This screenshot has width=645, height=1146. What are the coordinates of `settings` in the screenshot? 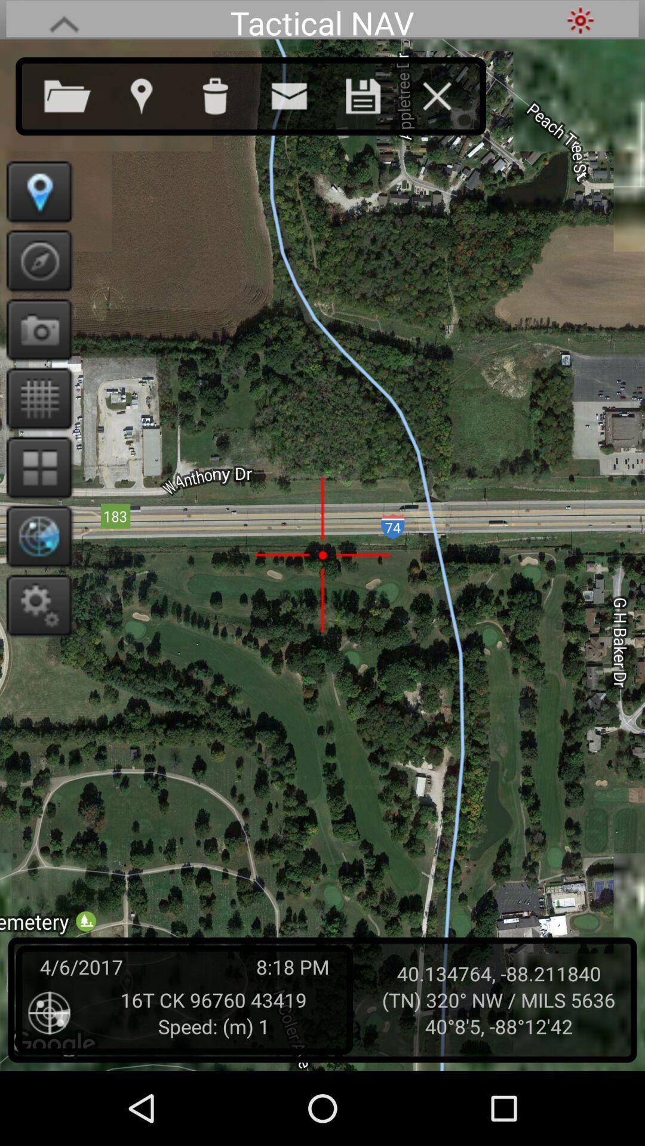 It's located at (35, 605).